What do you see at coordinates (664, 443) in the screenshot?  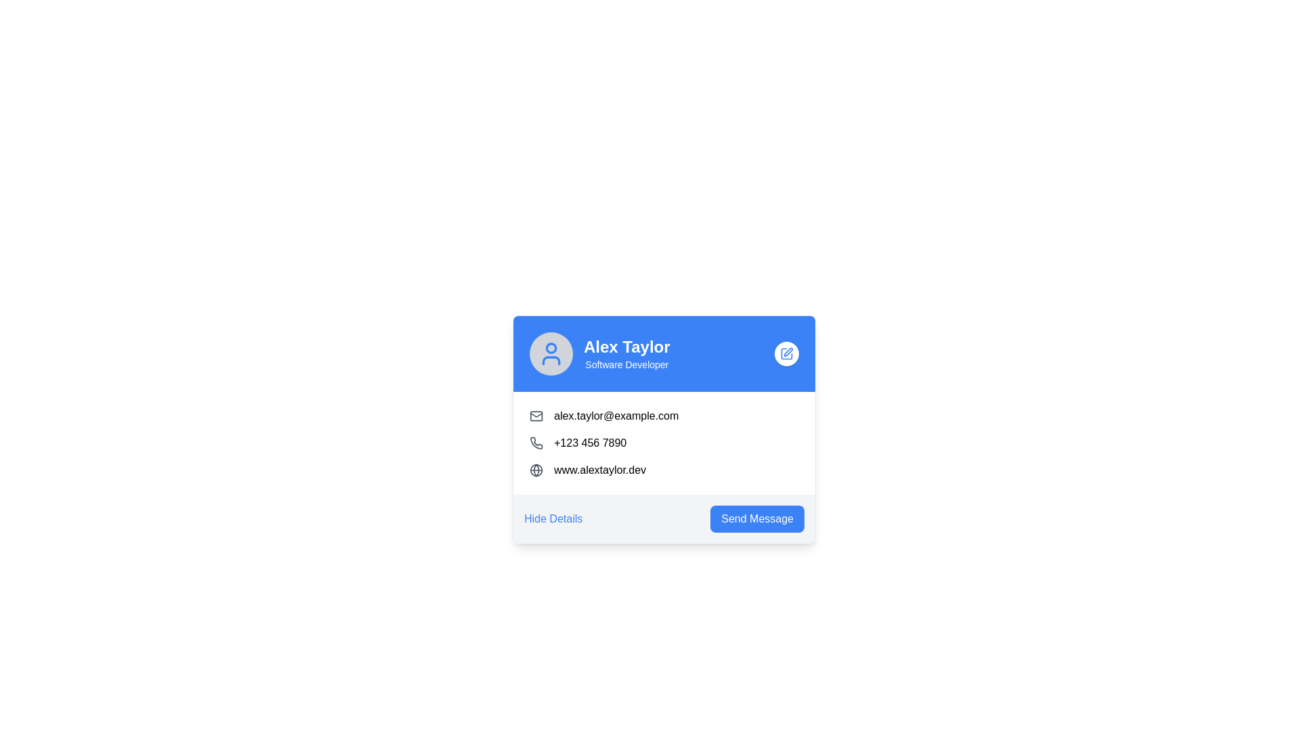 I see `the Information display section that shows contact information with email, phone number, and website address, located above the 'Hide Details' and 'Send Message' buttons` at bounding box center [664, 443].